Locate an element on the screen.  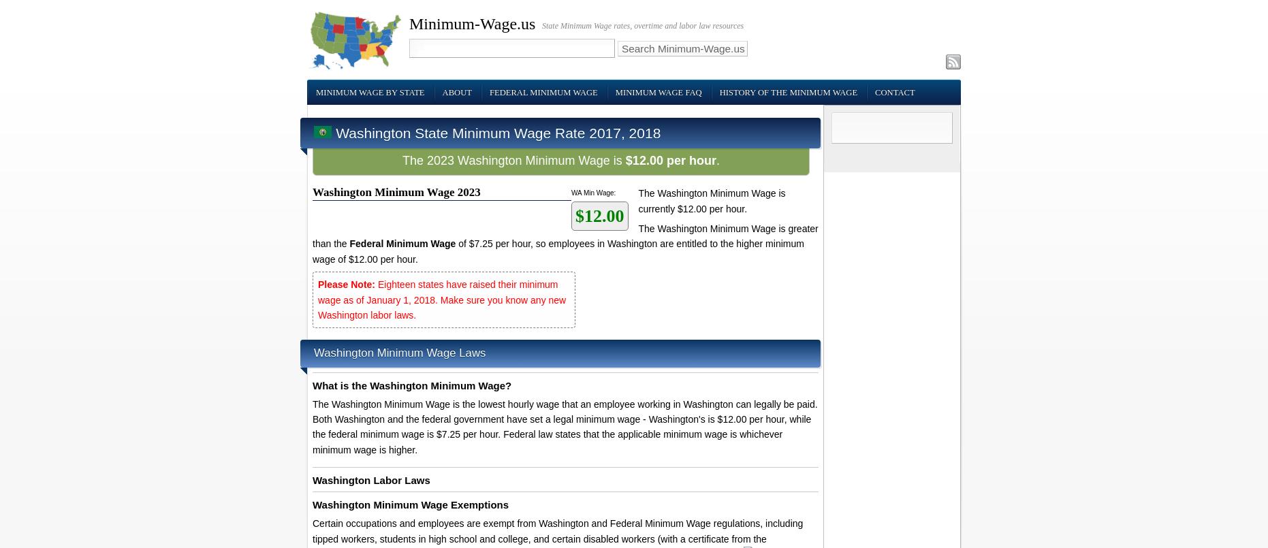
'$12.00 per hour' is located at coordinates (624, 159).